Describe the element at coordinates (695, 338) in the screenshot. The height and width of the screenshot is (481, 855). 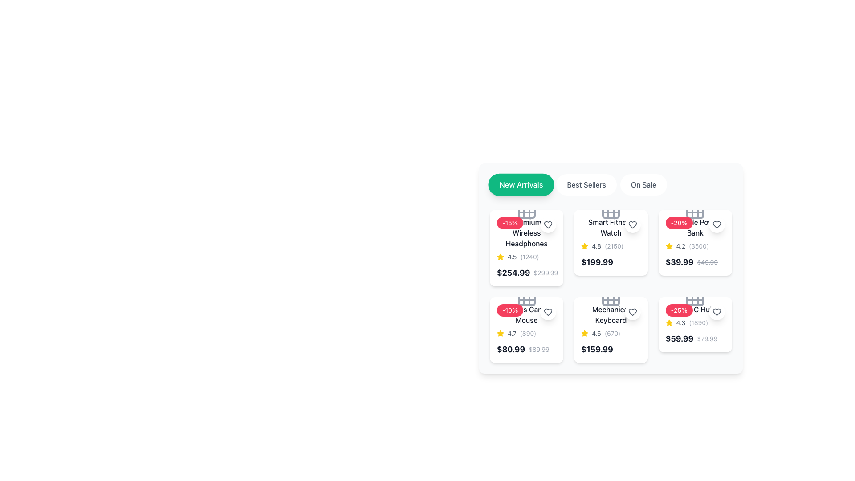
I see `the Text display showing the current and original price in the last product card of the 'On Sale' section located at the bottom-right corner` at that location.